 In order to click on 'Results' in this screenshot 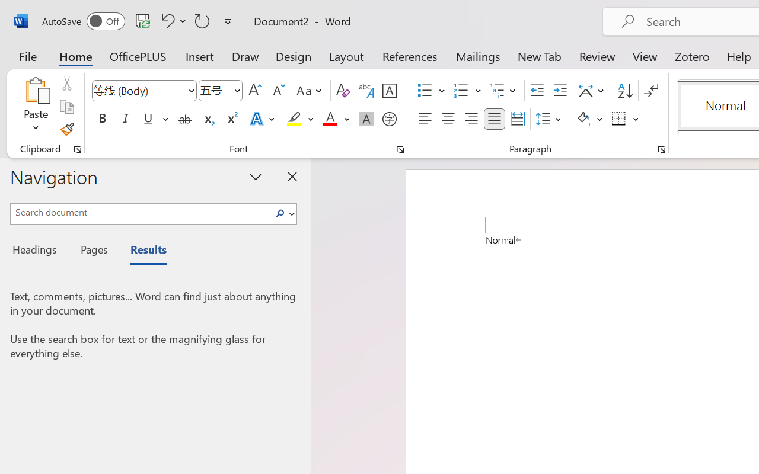, I will do `click(142, 251)`.